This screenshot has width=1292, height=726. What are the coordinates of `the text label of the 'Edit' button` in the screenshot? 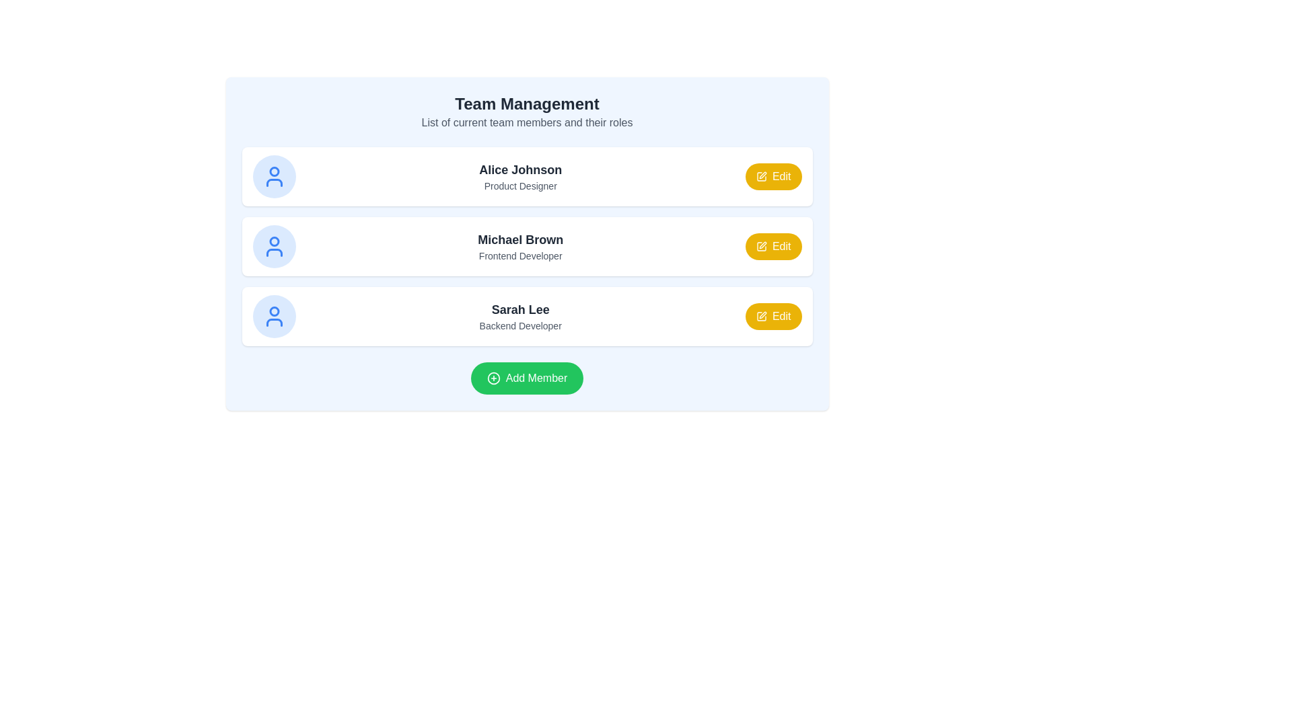 It's located at (781, 246).